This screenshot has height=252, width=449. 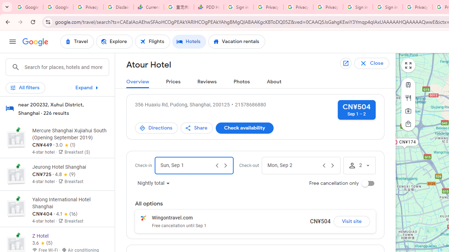 I want to click on 'Check availability', so click(x=244, y=128).